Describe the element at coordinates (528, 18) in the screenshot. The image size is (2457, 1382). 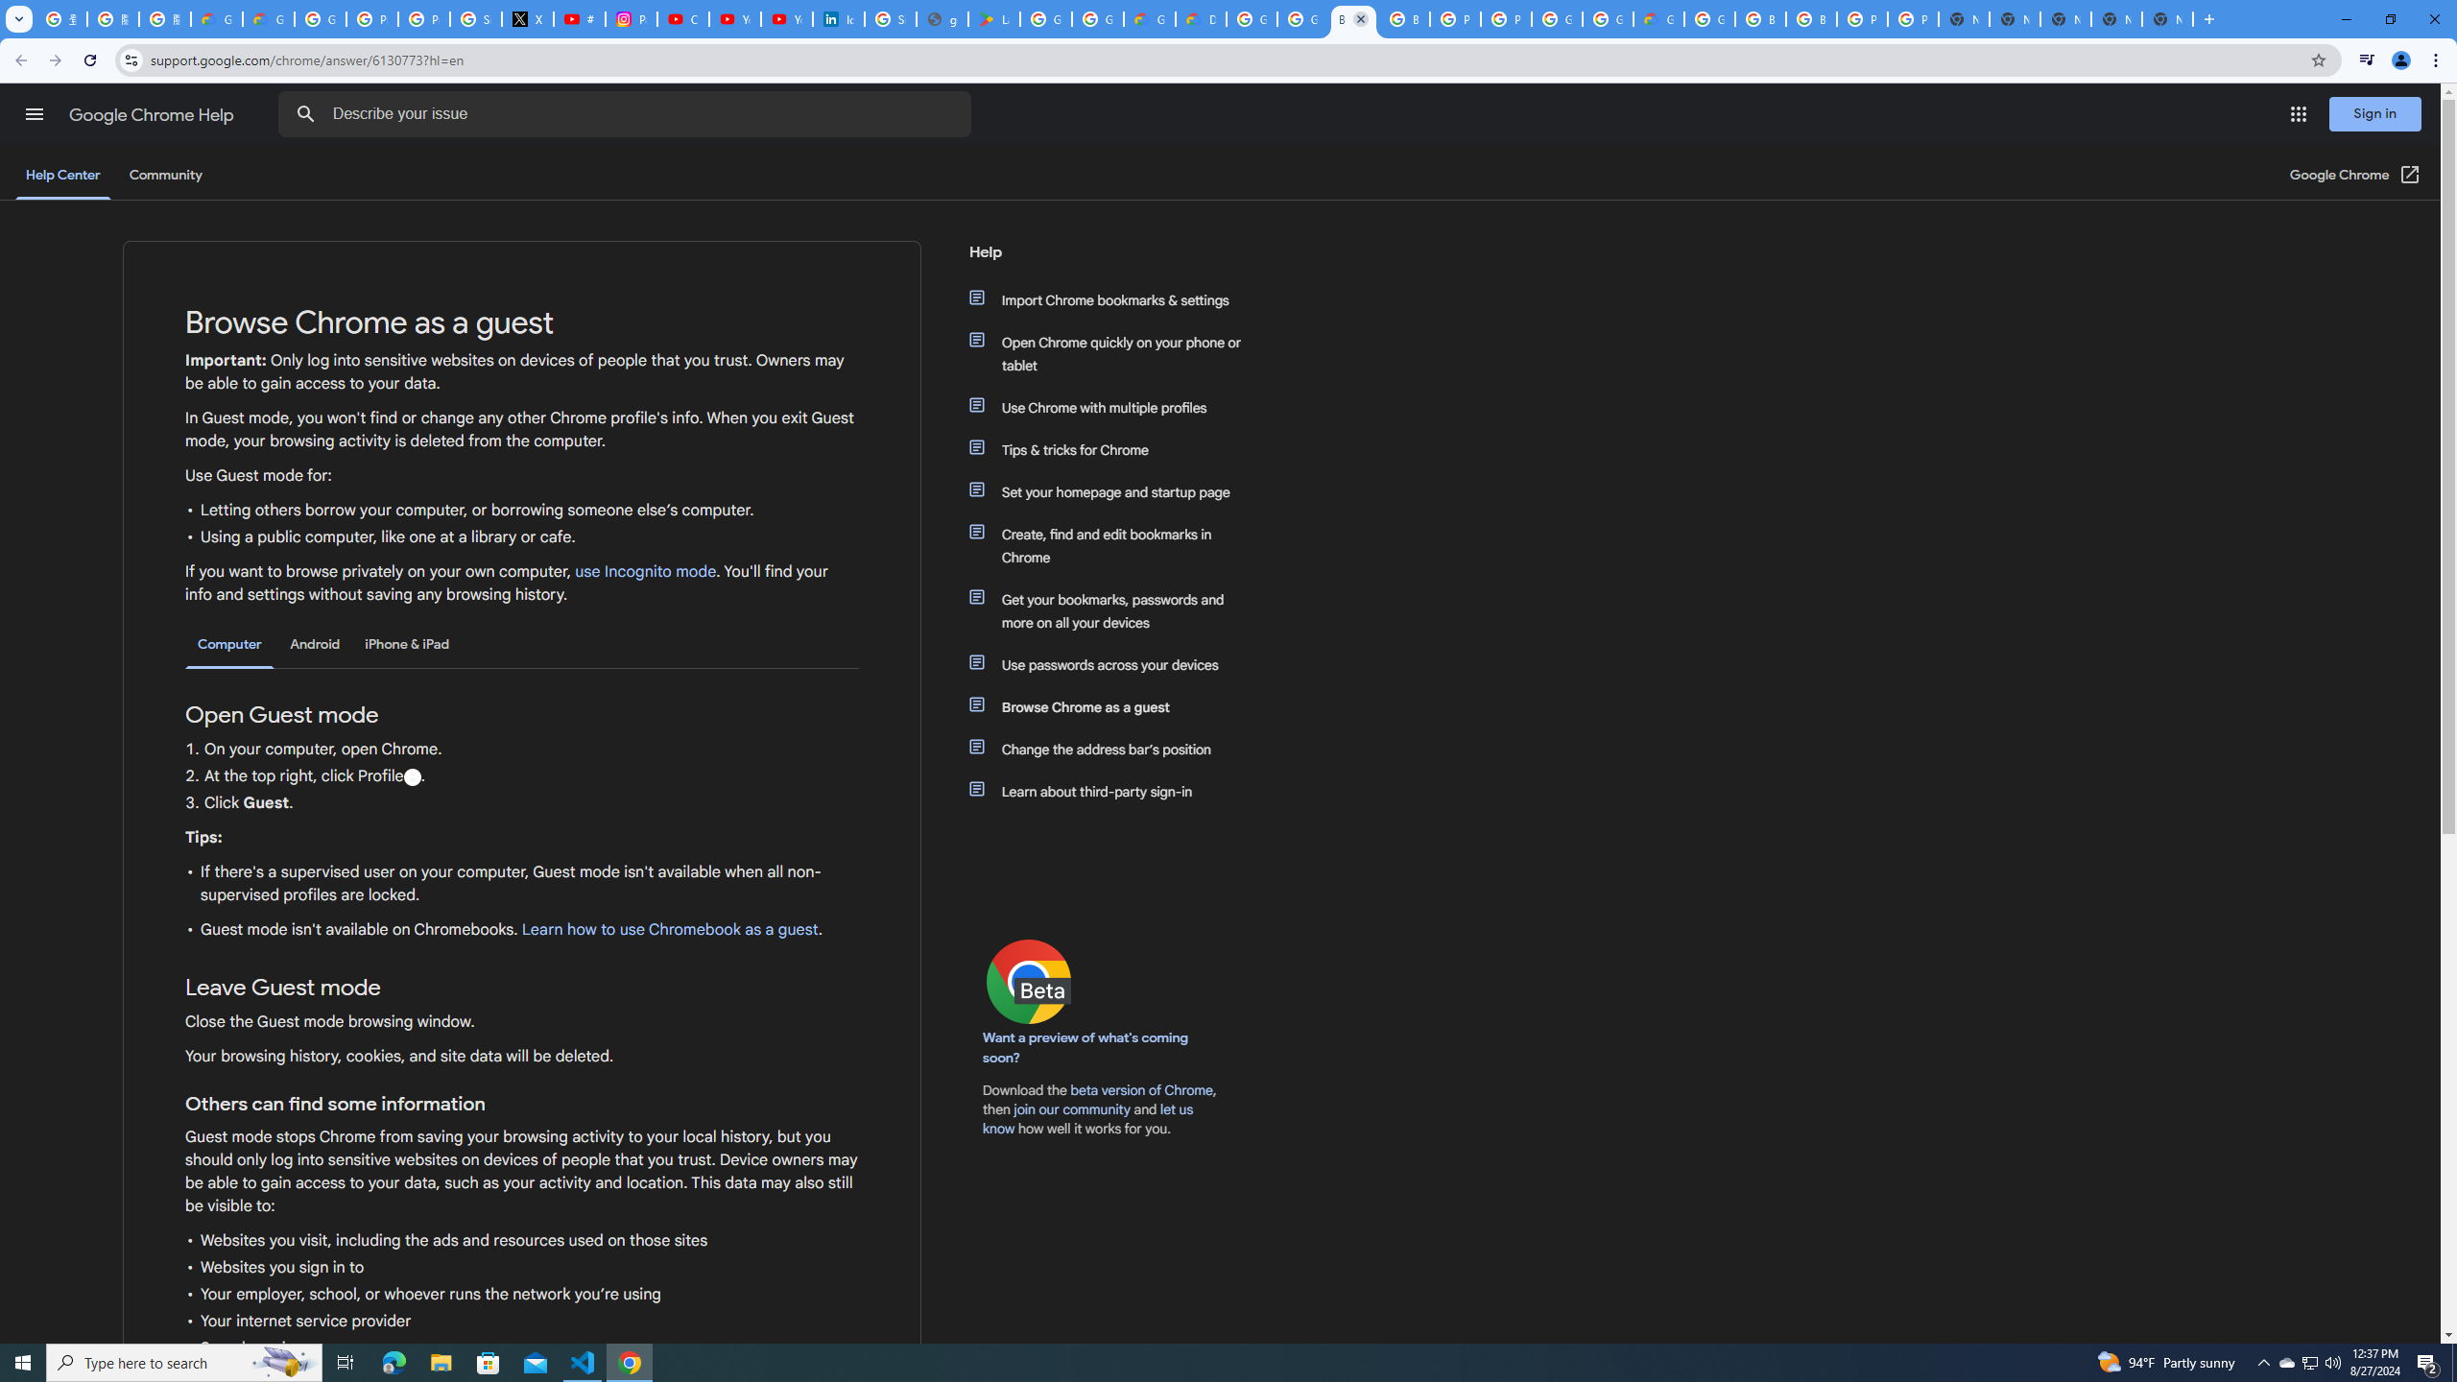
I see `'X'` at that location.